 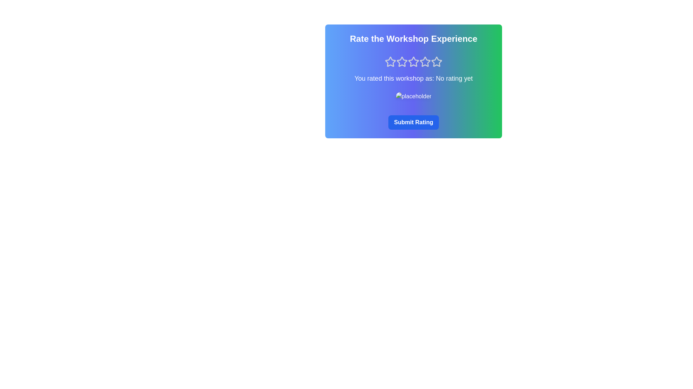 What do you see at coordinates (414, 62) in the screenshot?
I see `the rating to 3 stars by clicking the corresponding star` at bounding box center [414, 62].